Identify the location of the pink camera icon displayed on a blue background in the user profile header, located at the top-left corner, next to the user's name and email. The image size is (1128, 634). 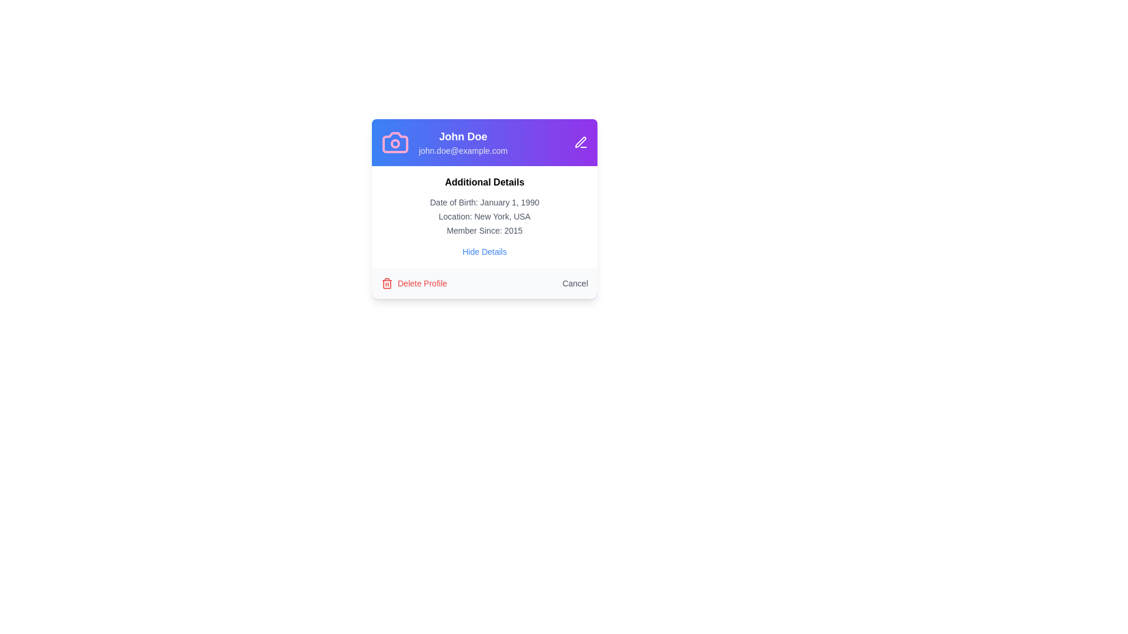
(395, 142).